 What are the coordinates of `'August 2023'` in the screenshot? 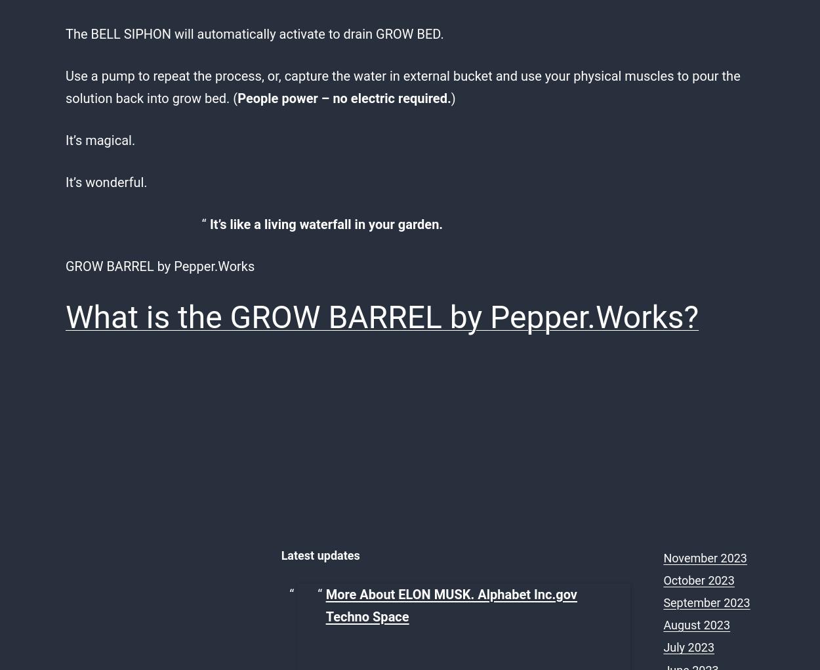 It's located at (663, 624).